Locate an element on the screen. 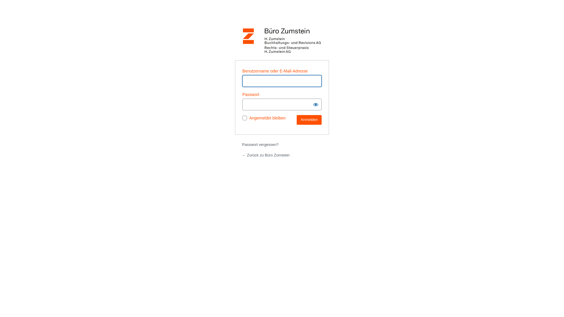  'Anmelden' is located at coordinates (309, 119).